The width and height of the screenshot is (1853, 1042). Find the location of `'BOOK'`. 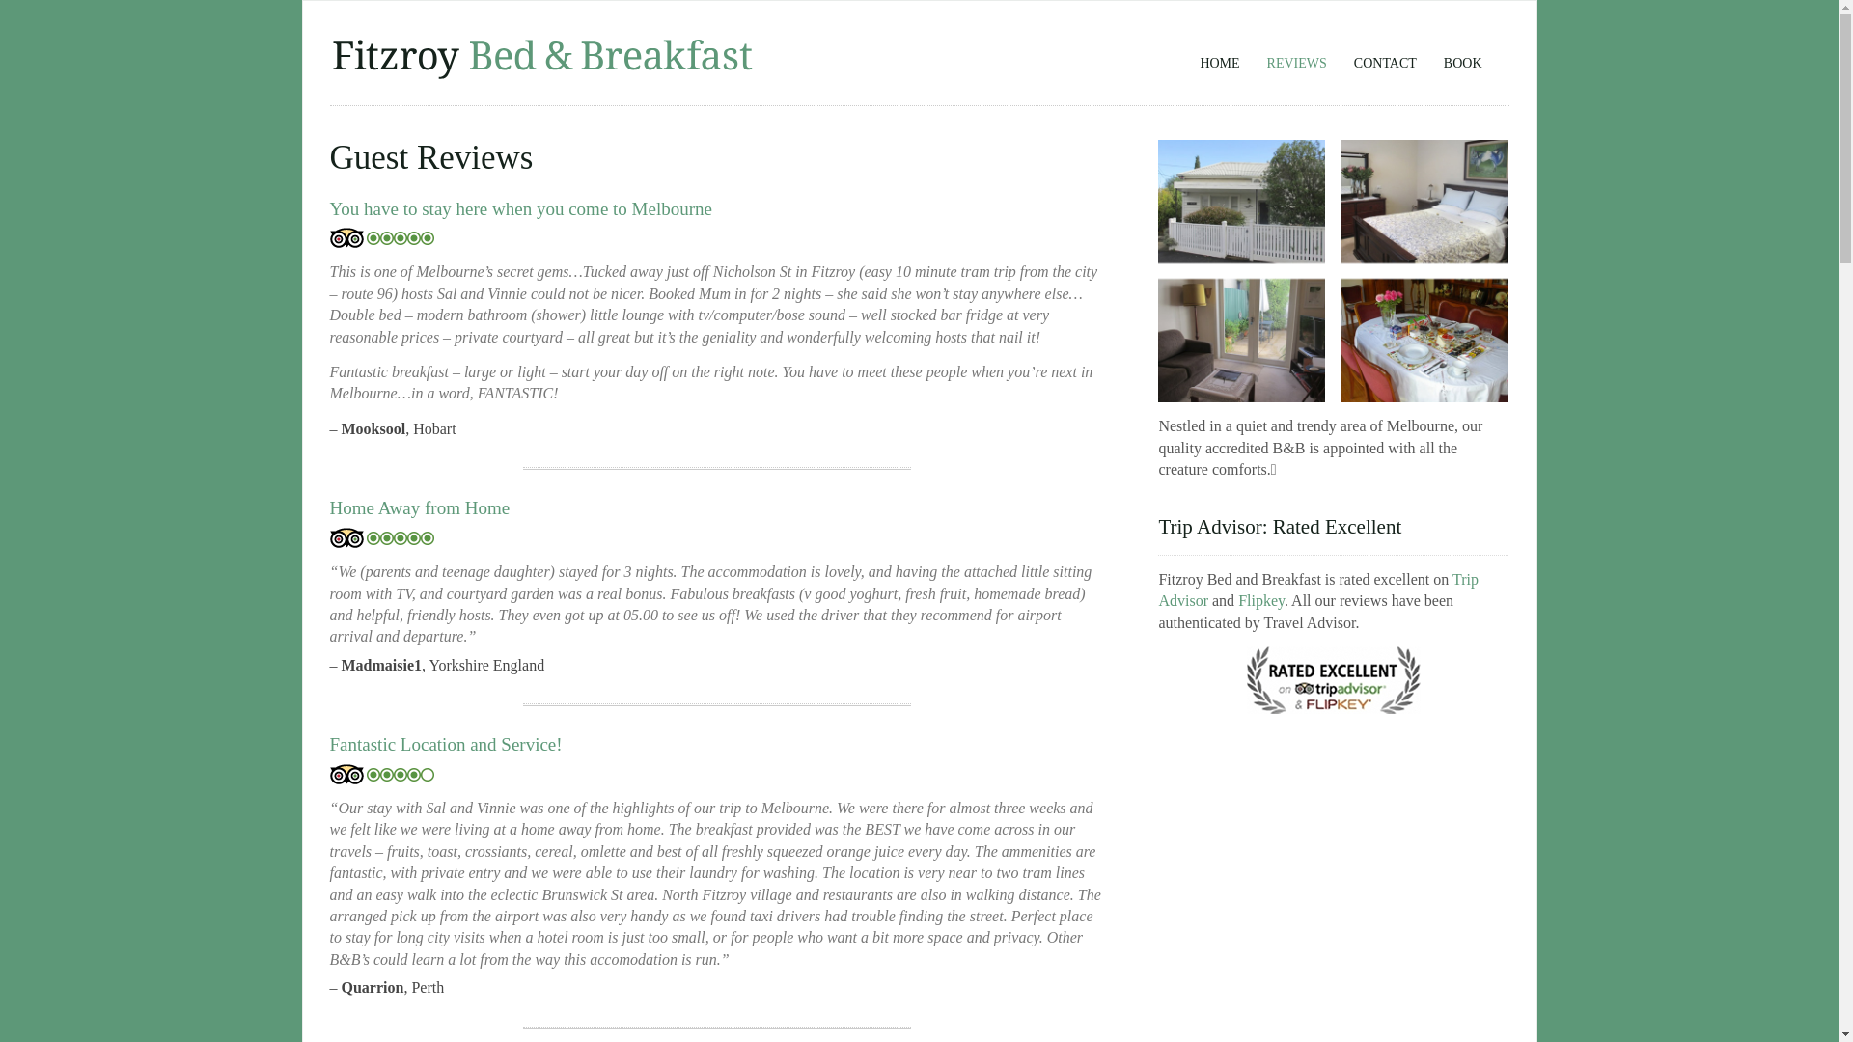

'BOOK' is located at coordinates (1463, 55).